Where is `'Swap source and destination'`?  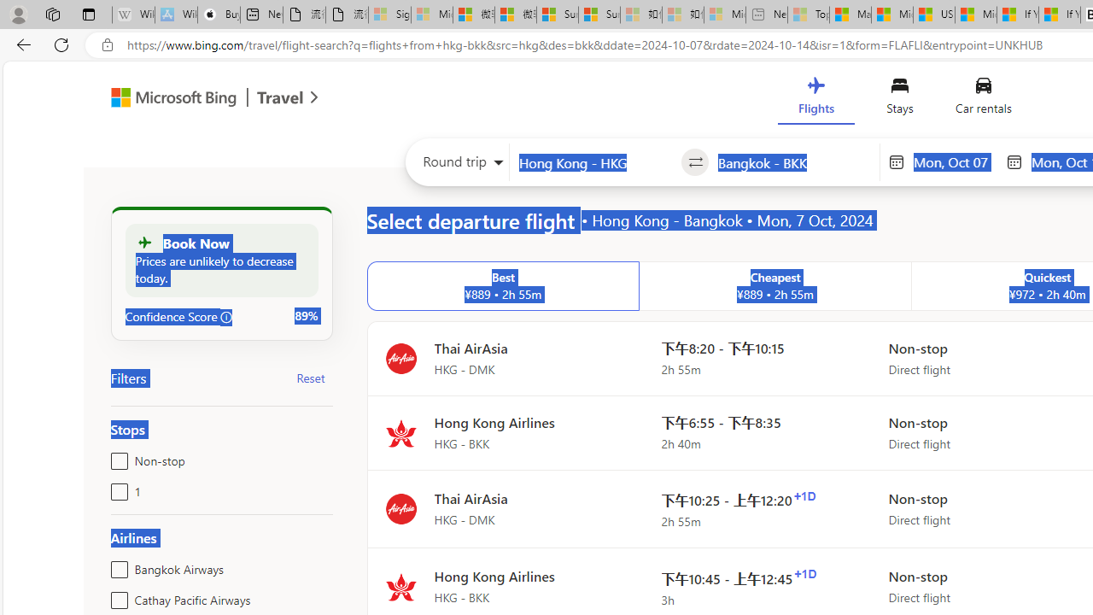
'Swap source and destination' is located at coordinates (695, 162).